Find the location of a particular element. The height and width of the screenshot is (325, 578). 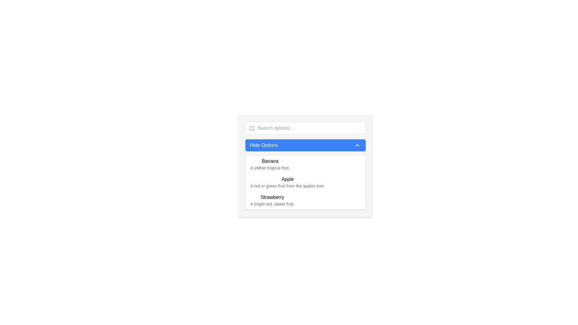

the bold text label displaying 'Strawberry' in the dropdown list under the 'Hide Options' header is located at coordinates (272, 197).